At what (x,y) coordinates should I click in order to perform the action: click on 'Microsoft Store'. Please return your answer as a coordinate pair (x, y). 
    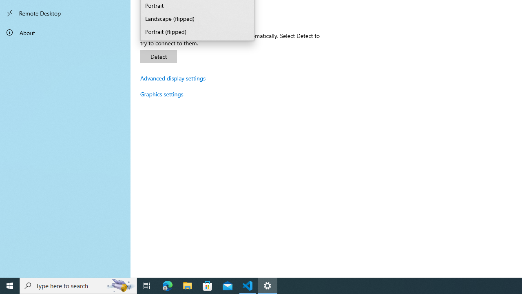
    Looking at the image, I should click on (208, 285).